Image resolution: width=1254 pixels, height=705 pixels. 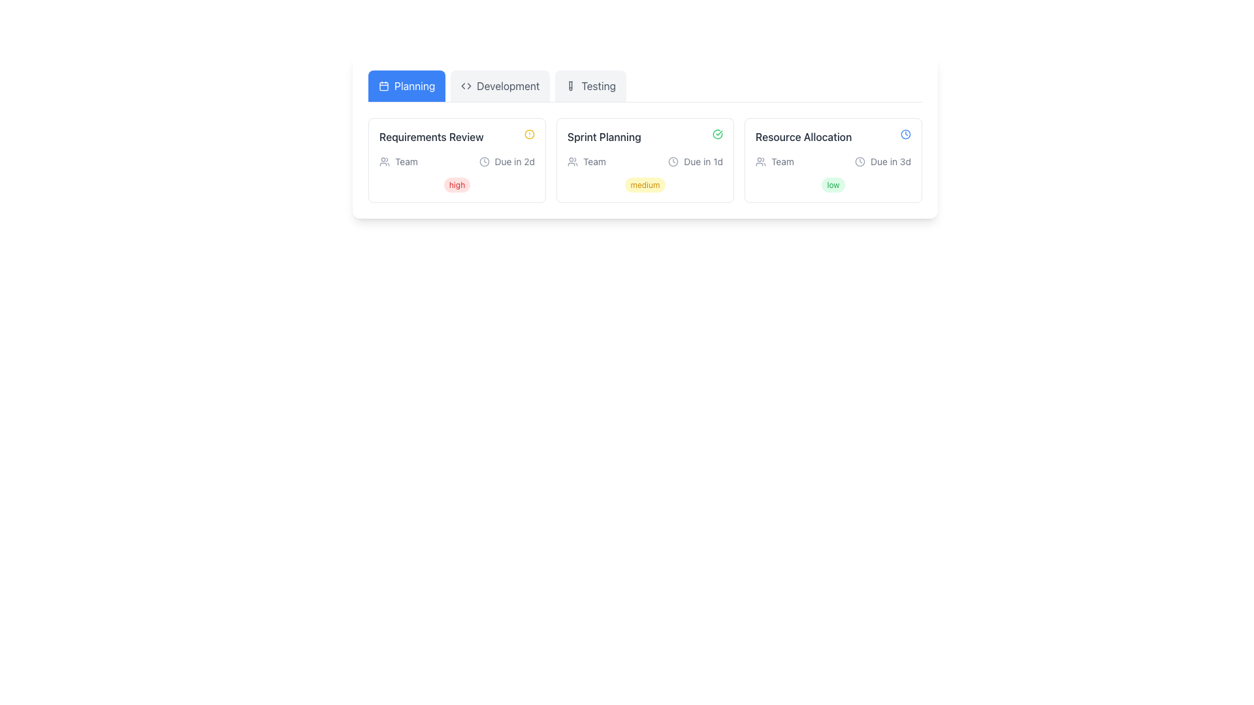 I want to click on the Text element that labels the icon for the 'Resource Allocation' task located in the lower-left corner of the 'Resource Allocation' card in the 'Planning' section, so click(x=782, y=161).